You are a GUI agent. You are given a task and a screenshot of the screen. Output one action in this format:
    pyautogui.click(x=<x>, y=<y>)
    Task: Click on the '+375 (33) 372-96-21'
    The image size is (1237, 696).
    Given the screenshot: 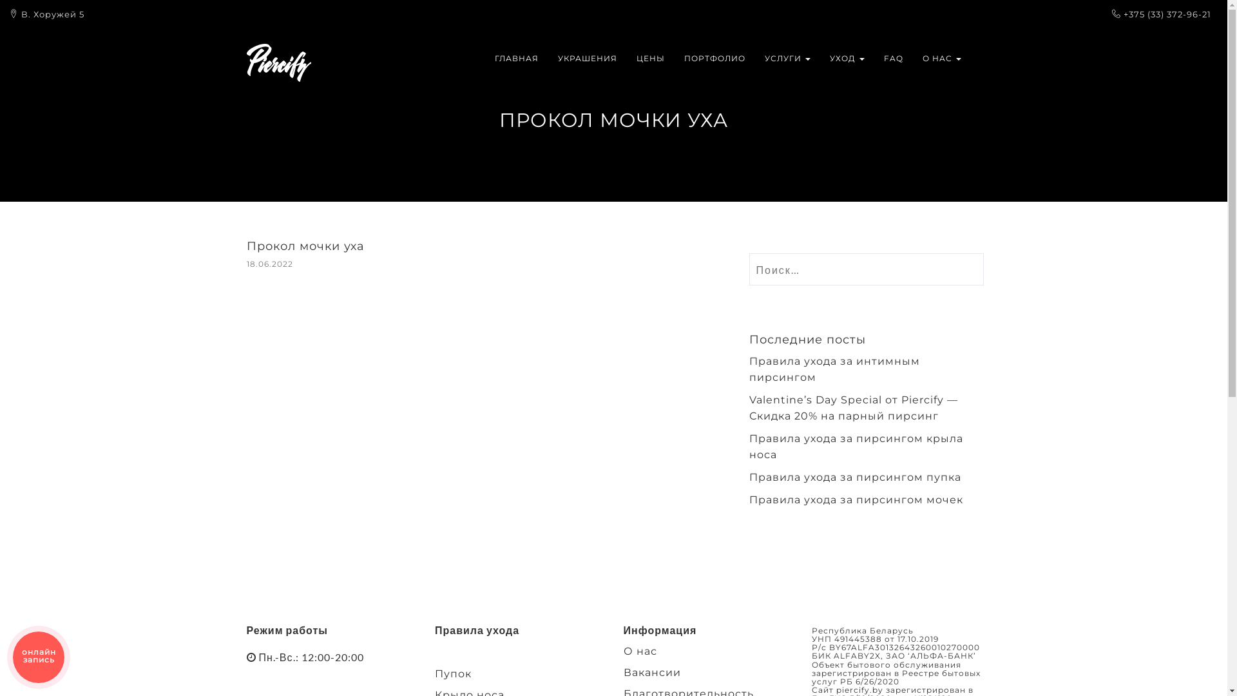 What is the action you would take?
    pyautogui.click(x=1167, y=14)
    